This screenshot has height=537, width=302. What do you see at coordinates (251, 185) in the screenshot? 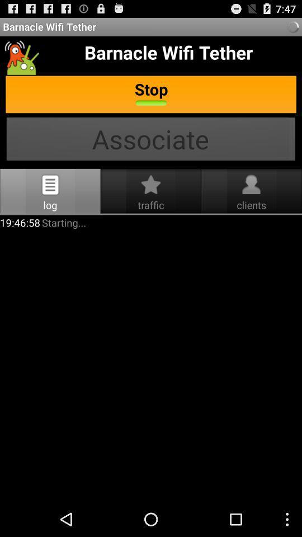
I see `clients beside traffic` at bounding box center [251, 185].